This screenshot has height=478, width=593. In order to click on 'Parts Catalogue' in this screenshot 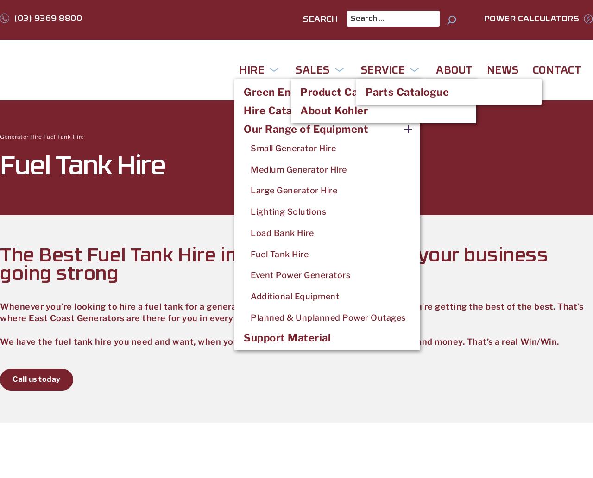, I will do `click(407, 91)`.